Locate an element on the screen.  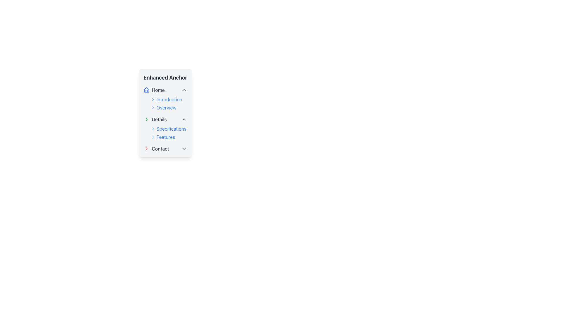
the rightward arrow icon associated with the 'Contact' menu item is located at coordinates (146, 148).